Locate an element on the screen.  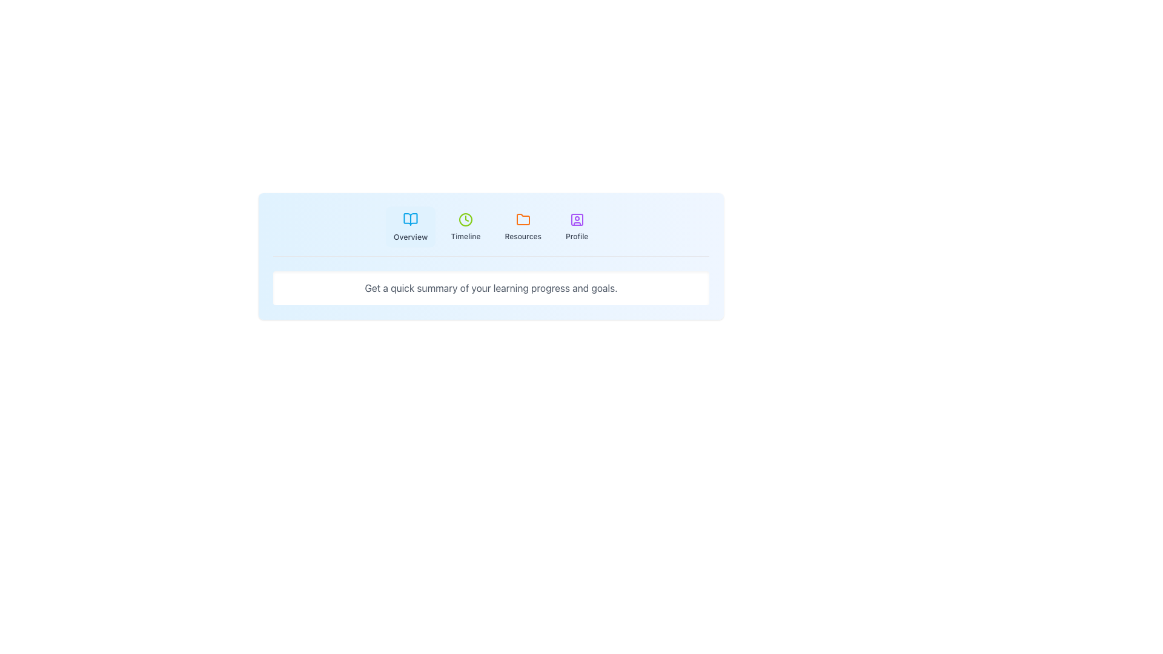
the 'Timeline' navigation button located in the tabbed navigation bar, which is the second button from the left, between 'Overview' and 'Resources' is located at coordinates (465, 226).